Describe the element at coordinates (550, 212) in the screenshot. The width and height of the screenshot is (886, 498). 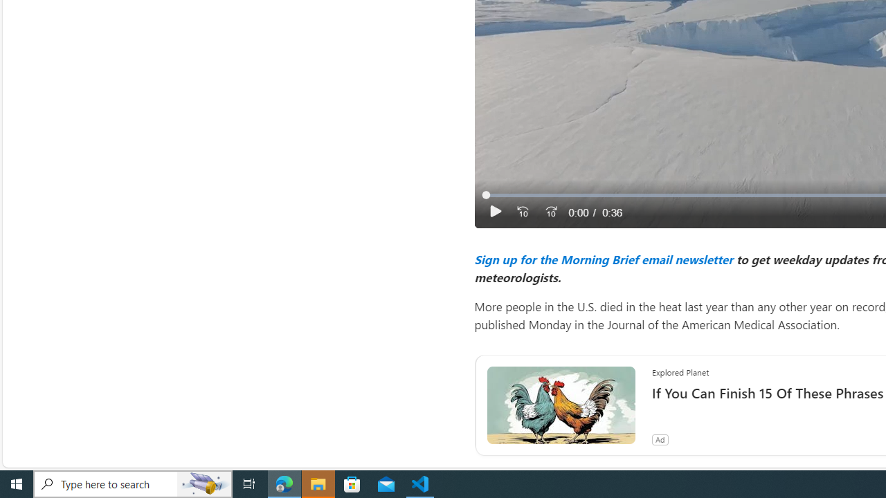
I see `'Seek Forward'` at that location.